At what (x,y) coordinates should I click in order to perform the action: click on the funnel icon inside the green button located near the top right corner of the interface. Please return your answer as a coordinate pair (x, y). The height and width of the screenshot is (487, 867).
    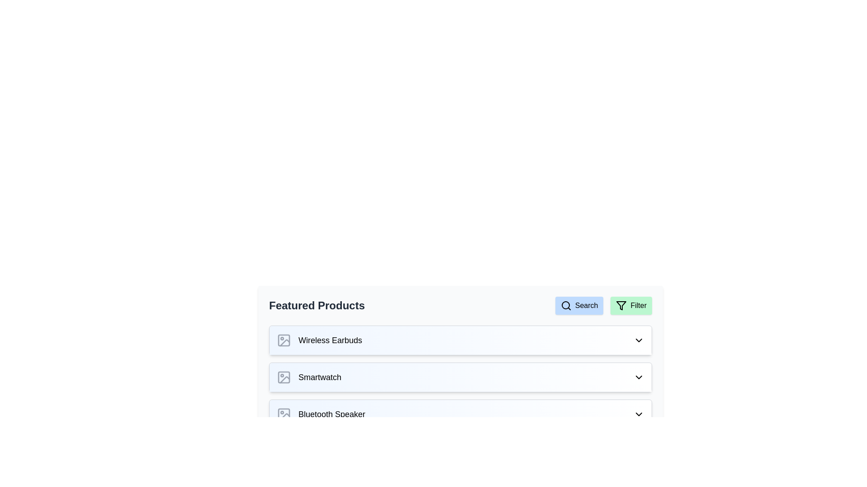
    Looking at the image, I should click on (621, 305).